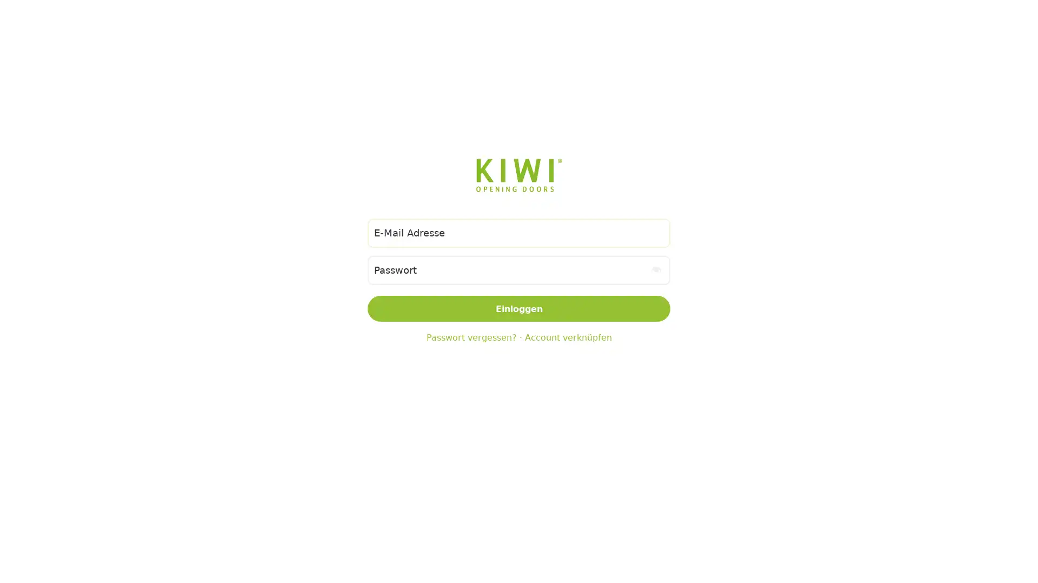 The image size is (1038, 583). What do you see at coordinates (519, 308) in the screenshot?
I see `Einloggen` at bounding box center [519, 308].